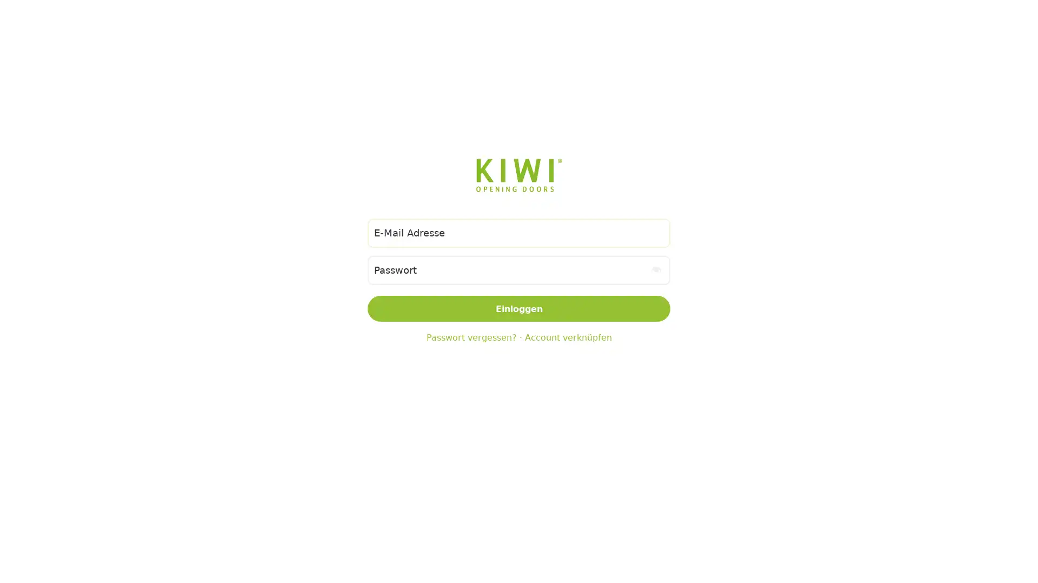 The image size is (1038, 583). What do you see at coordinates (519, 308) in the screenshot?
I see `Einloggen` at bounding box center [519, 308].